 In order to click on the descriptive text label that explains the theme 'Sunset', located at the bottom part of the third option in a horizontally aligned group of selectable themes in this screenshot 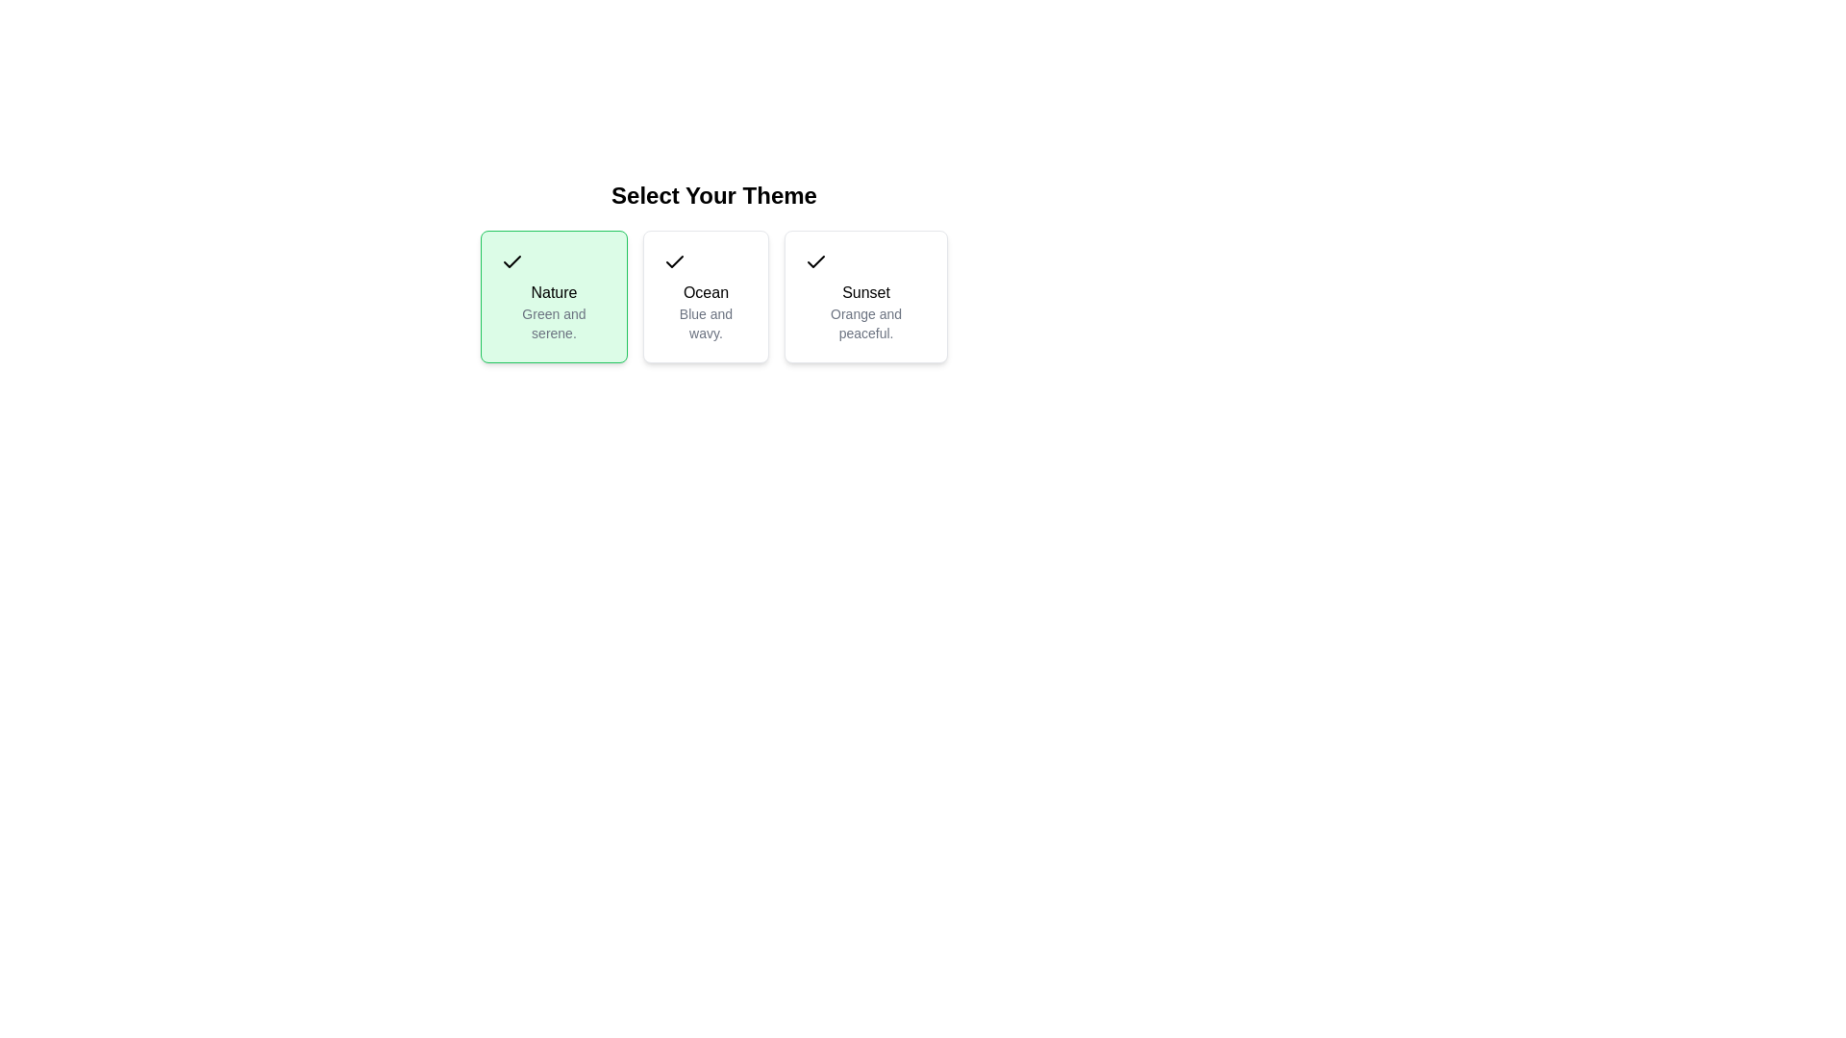, I will do `click(865, 322)`.